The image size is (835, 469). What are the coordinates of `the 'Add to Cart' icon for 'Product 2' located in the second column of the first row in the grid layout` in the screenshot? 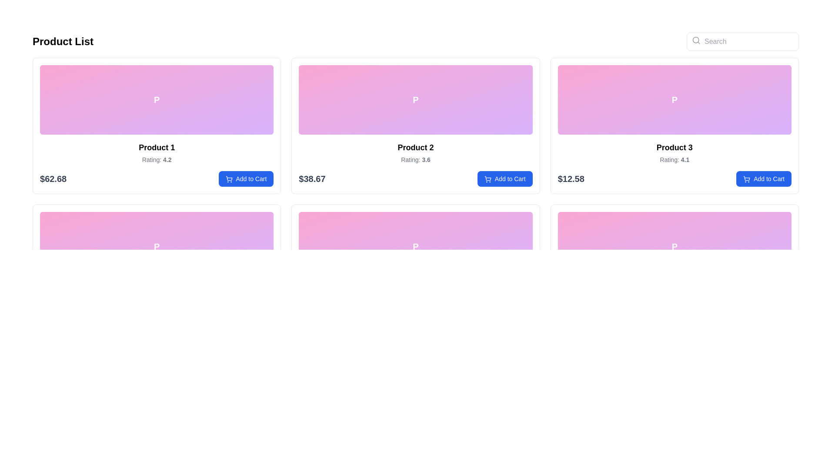 It's located at (488, 179).